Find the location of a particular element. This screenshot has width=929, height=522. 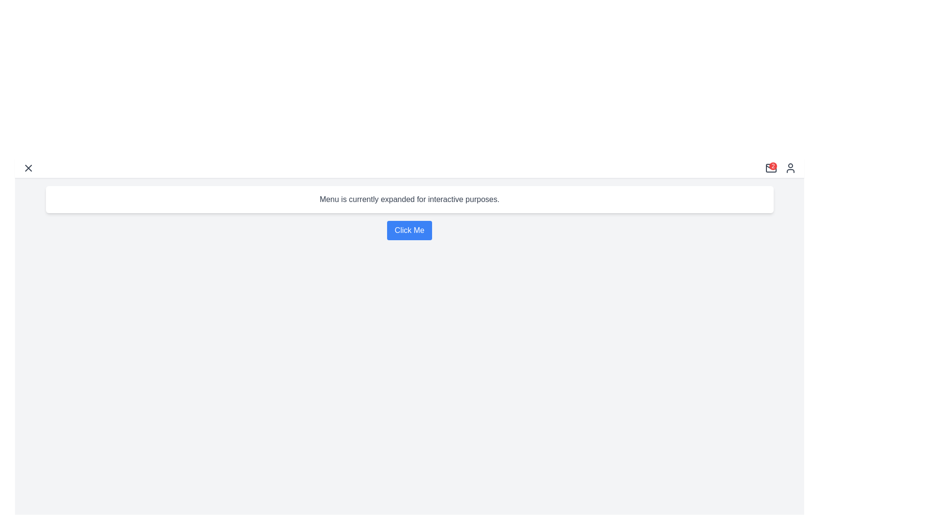

the user profile icon, which is a dark-colored SVG graphic of a generic human figure located at the rightmost end of the top navigation bar is located at coordinates (790, 167).